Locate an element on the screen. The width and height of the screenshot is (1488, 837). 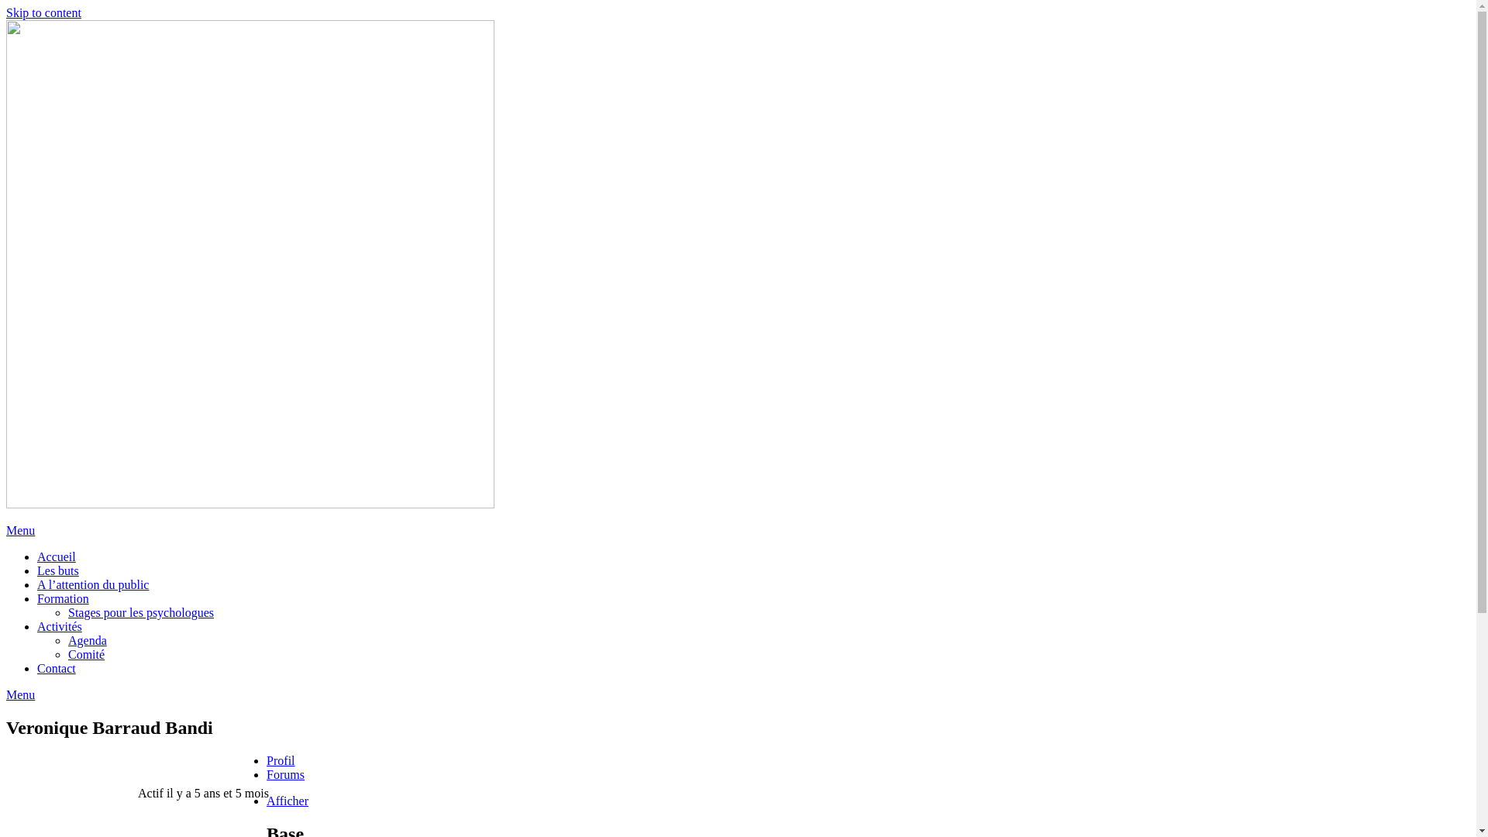
'Afficher' is located at coordinates (267, 801).